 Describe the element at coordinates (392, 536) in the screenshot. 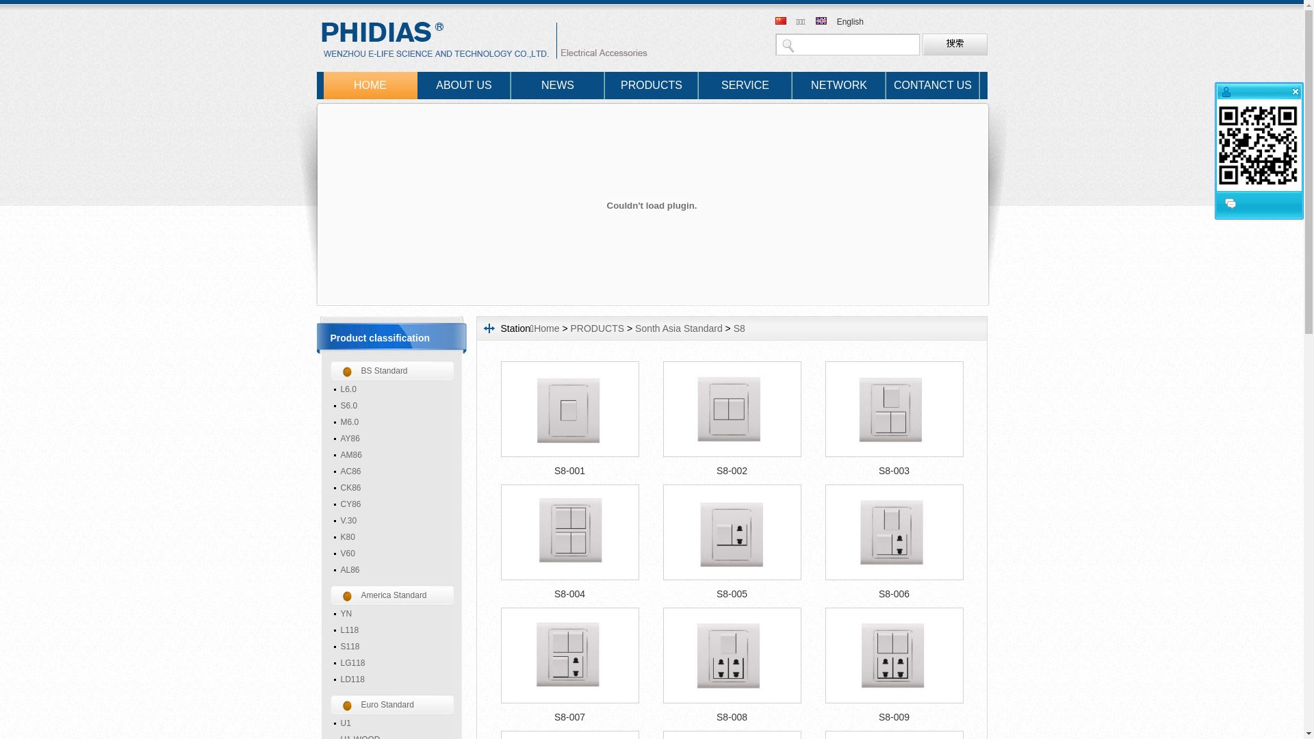

I see `'K80'` at that location.